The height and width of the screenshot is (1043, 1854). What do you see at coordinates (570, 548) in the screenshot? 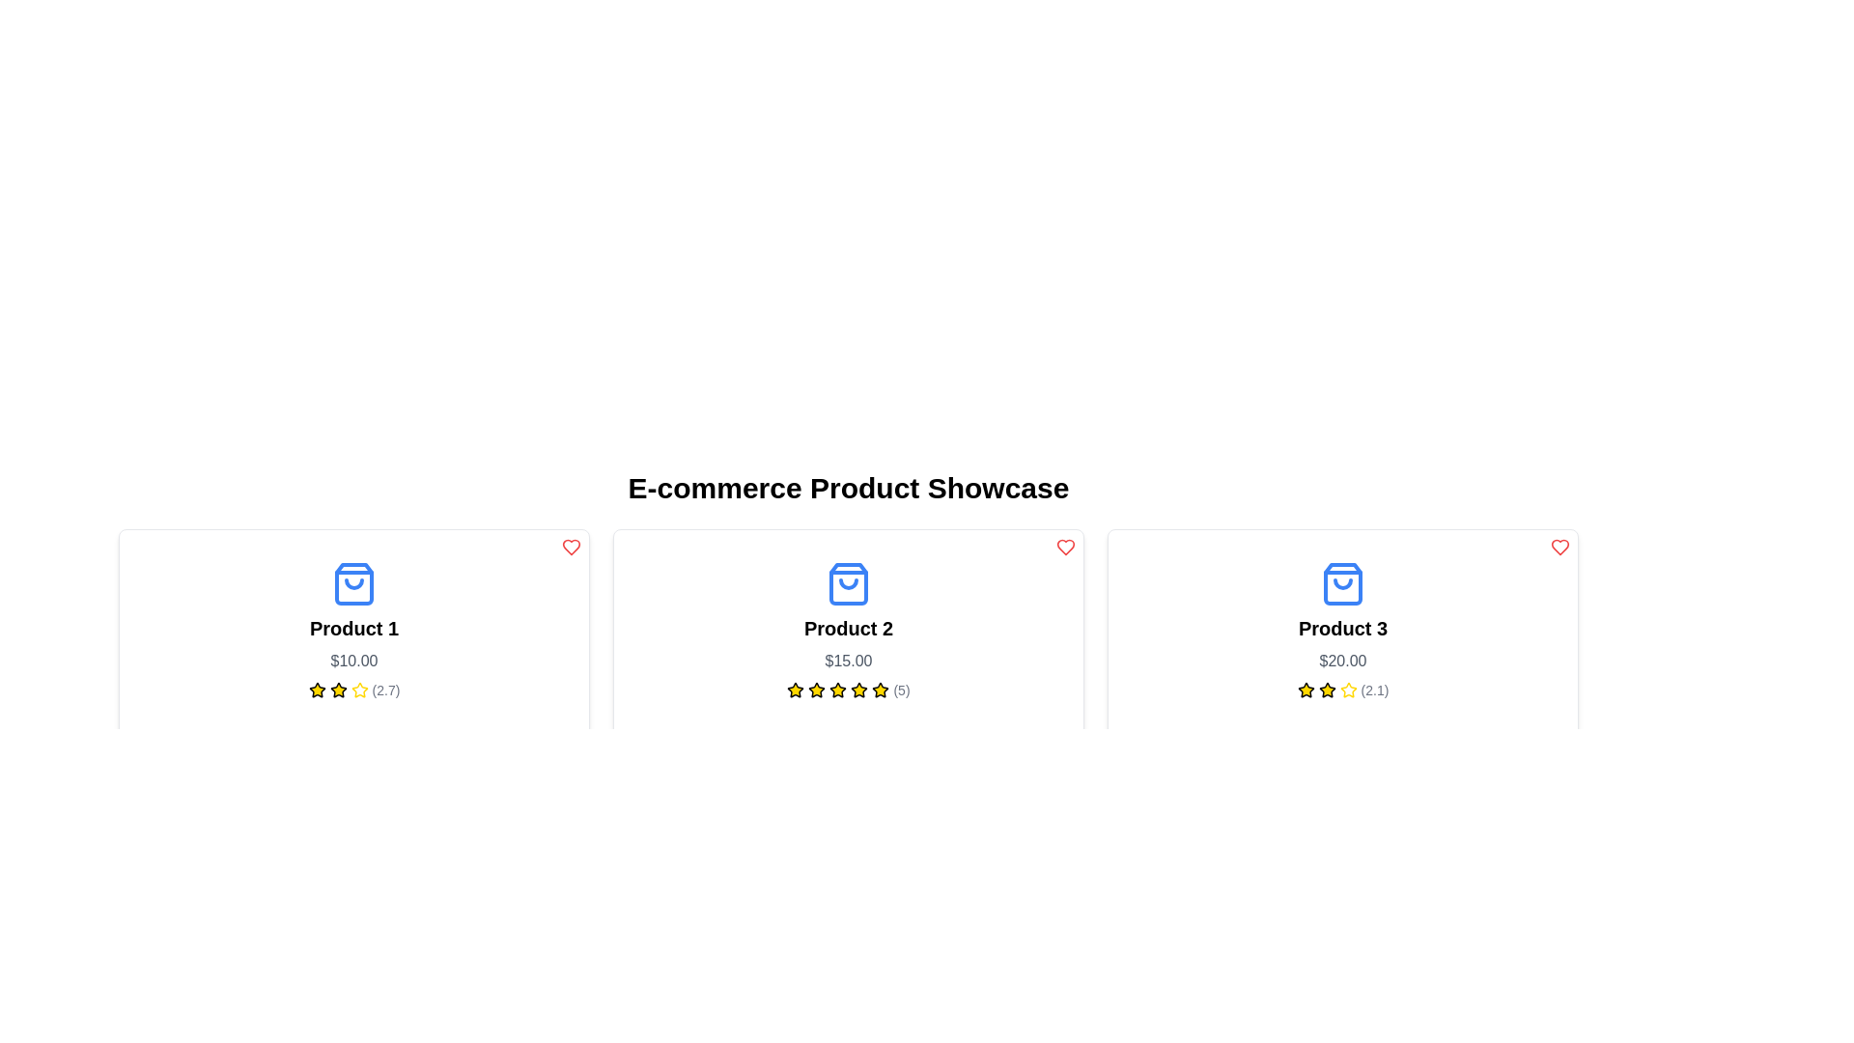
I see `the heart icon button in the top-right corner of the 'Product 1' card for keyboard interaction` at bounding box center [570, 548].